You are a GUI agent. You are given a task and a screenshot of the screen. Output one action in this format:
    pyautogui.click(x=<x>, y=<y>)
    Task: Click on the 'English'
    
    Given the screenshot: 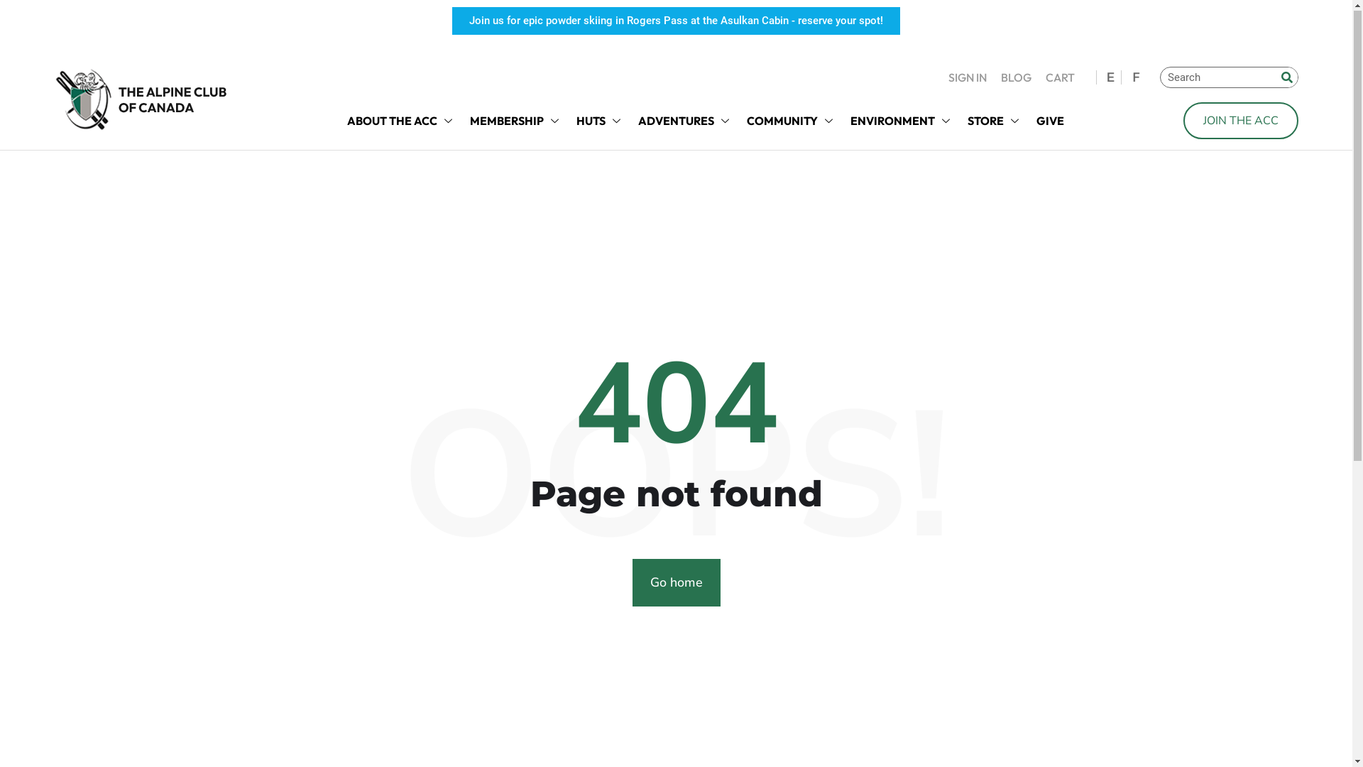 What is the action you would take?
    pyautogui.click(x=1110, y=78)
    